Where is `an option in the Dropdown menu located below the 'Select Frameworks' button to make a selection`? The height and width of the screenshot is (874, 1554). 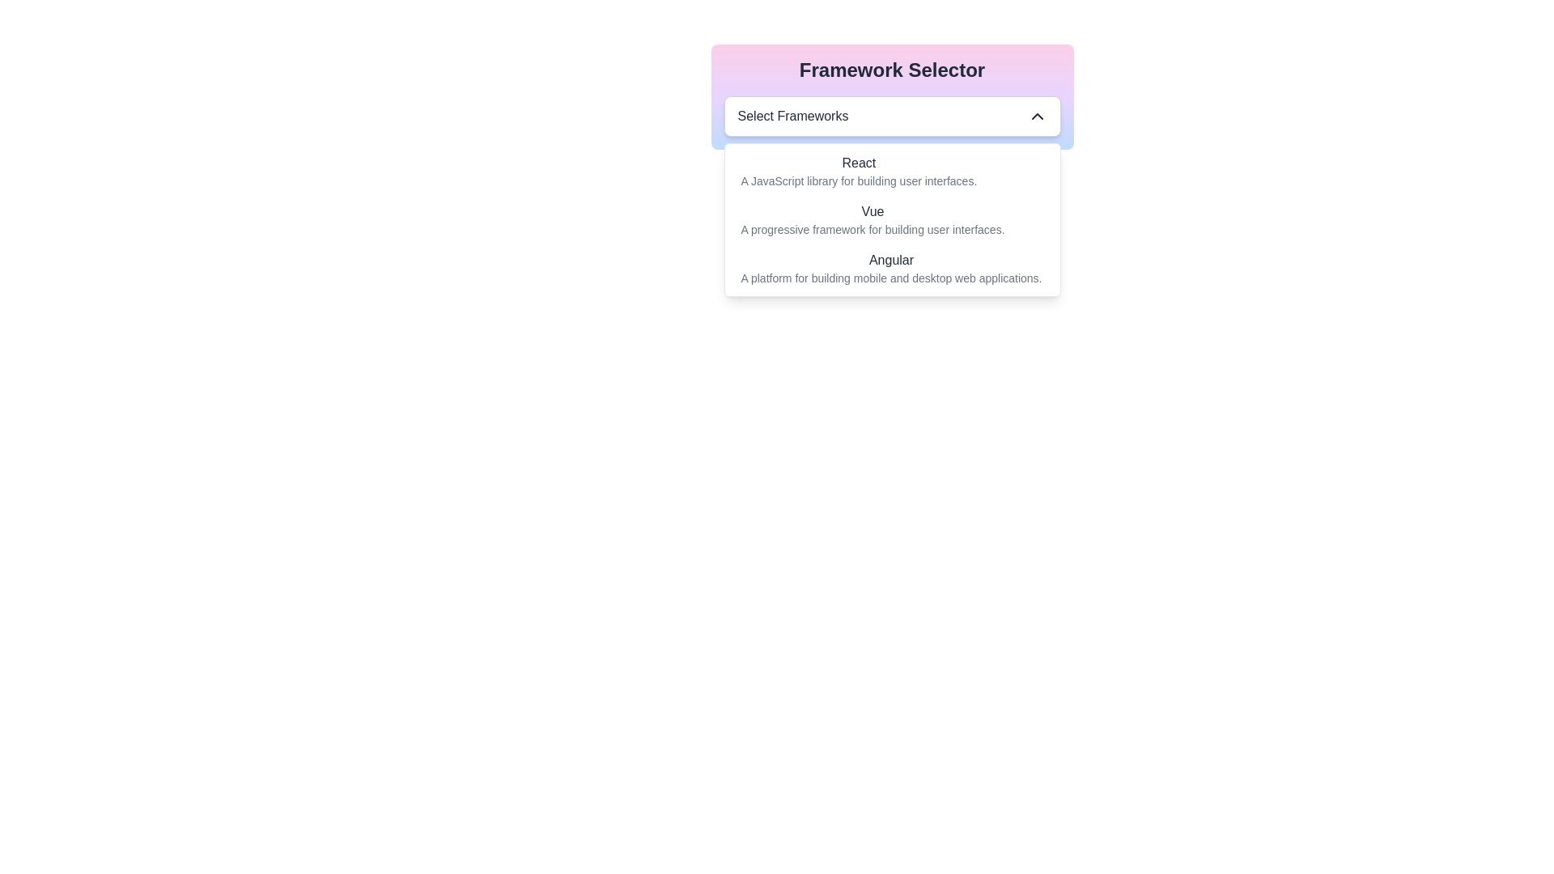 an option in the Dropdown menu located below the 'Select Frameworks' button to make a selection is located at coordinates (891, 220).